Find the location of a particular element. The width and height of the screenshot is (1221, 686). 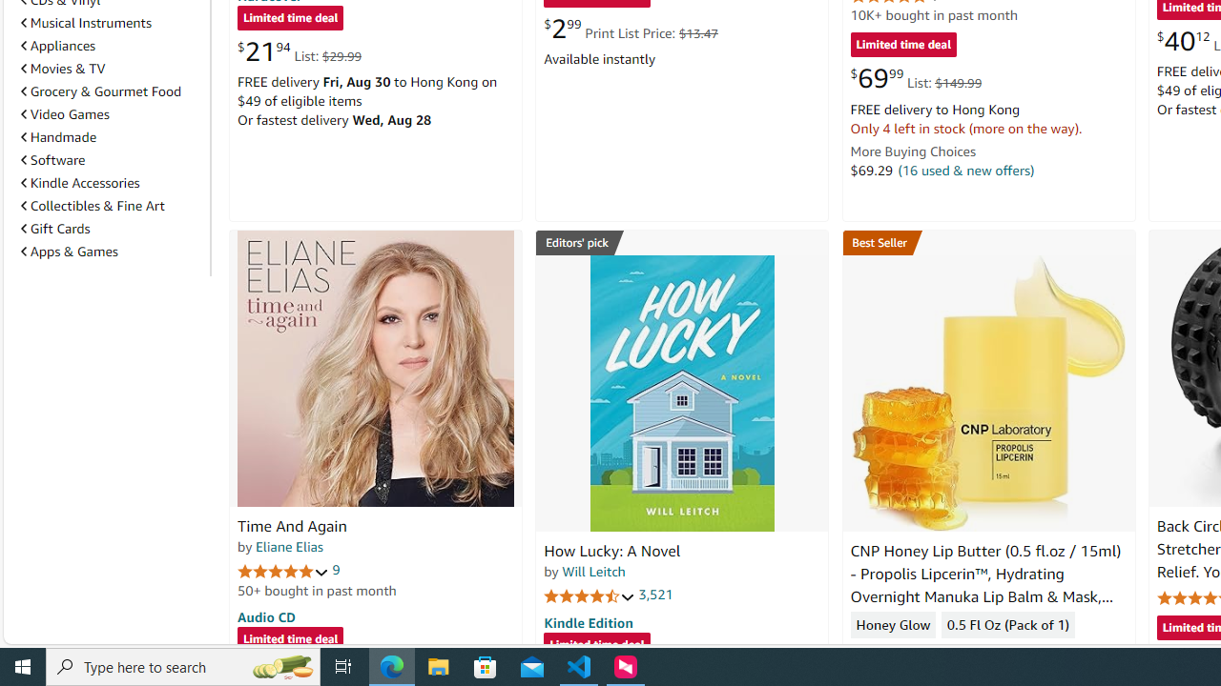

'Audio CD' is located at coordinates (265, 616).